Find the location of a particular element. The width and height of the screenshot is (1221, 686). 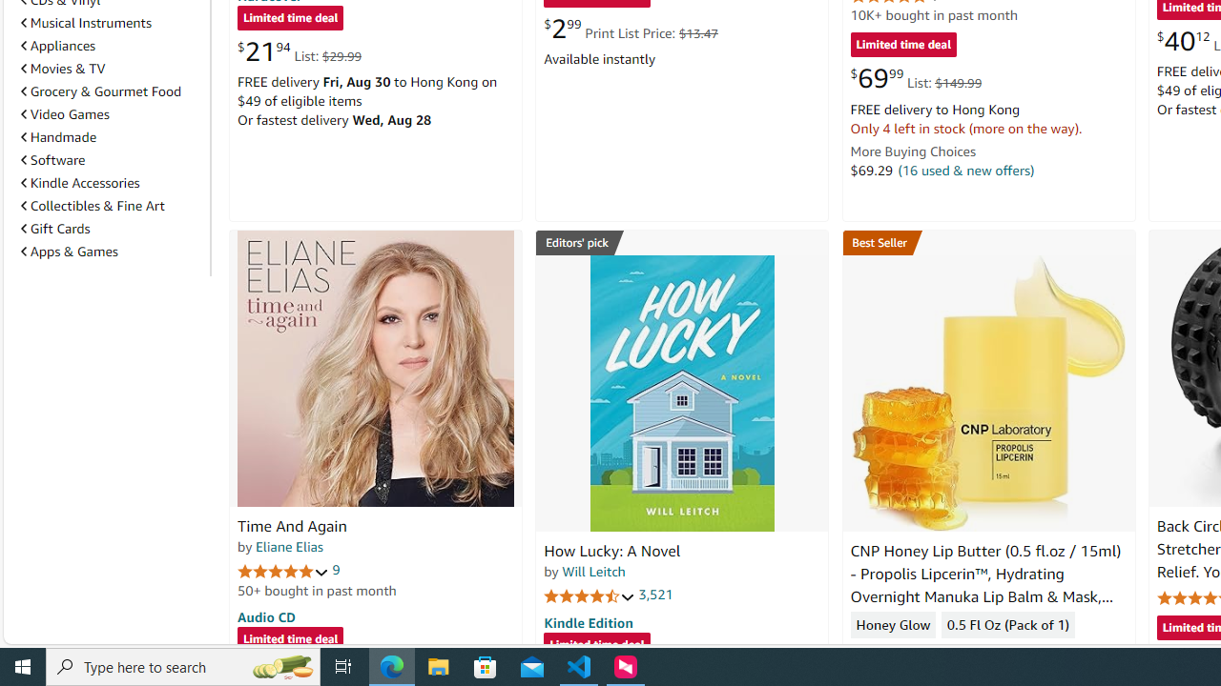

'Audio CD' is located at coordinates (265, 616).